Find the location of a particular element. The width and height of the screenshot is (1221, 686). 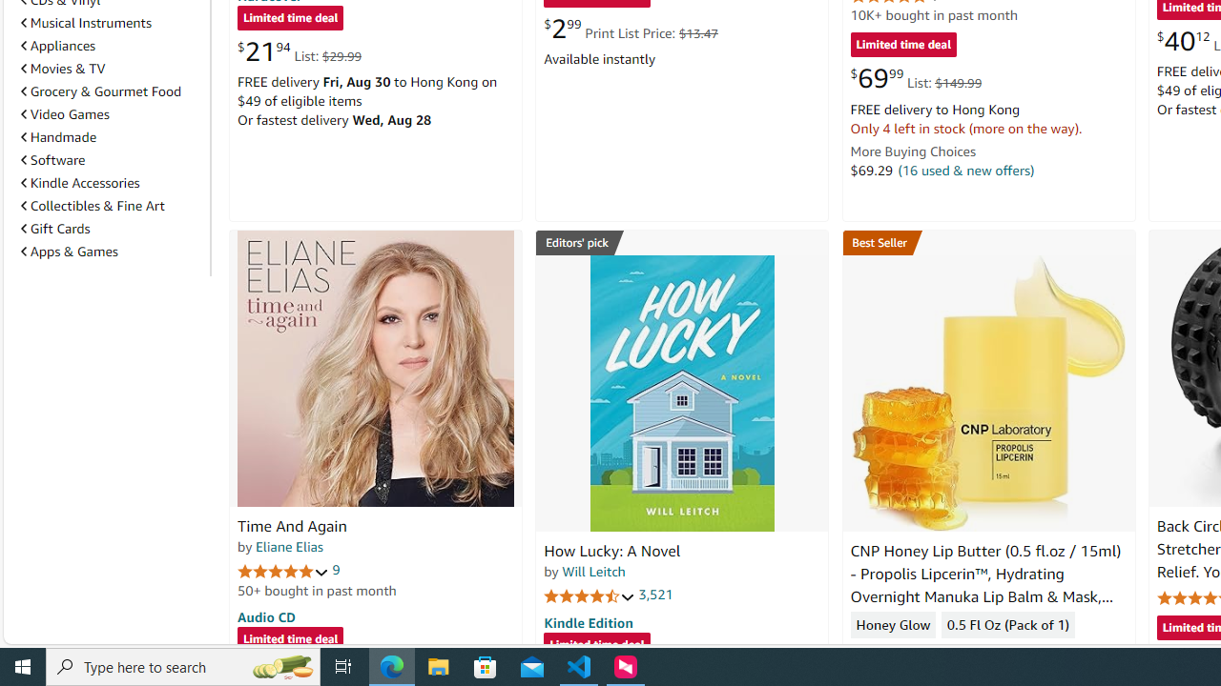

'Audio CD' is located at coordinates (265, 616).